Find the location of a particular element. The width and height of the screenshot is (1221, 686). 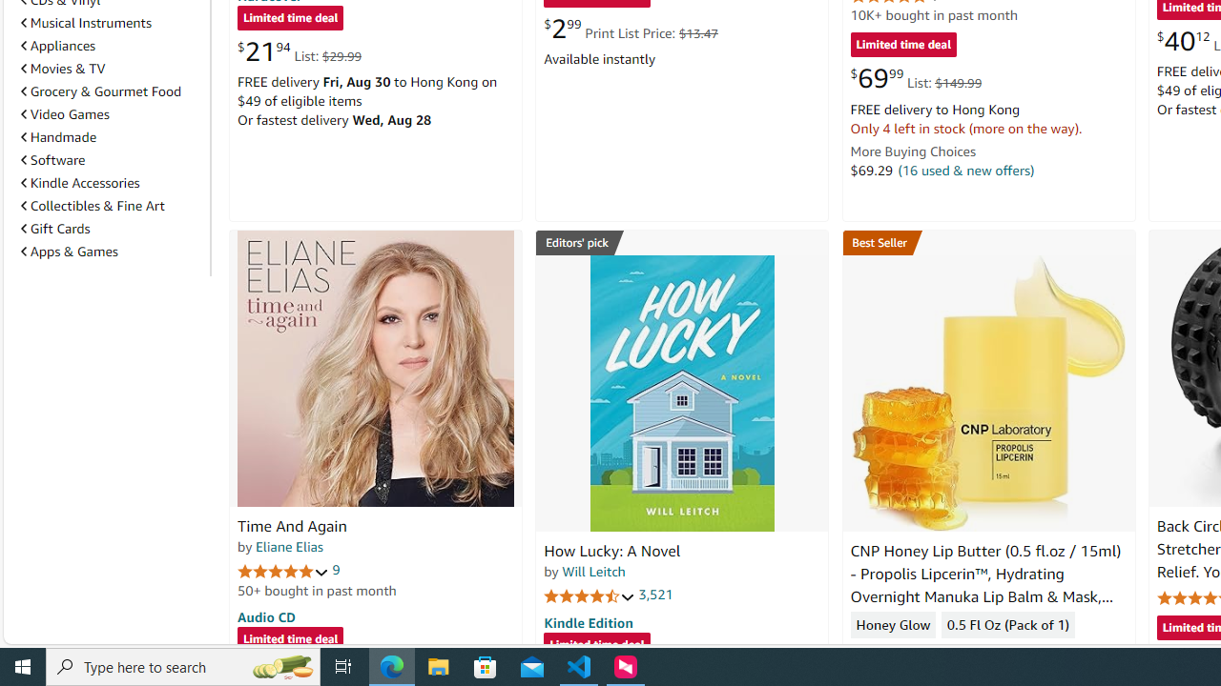

'Audio CD' is located at coordinates (265, 616).